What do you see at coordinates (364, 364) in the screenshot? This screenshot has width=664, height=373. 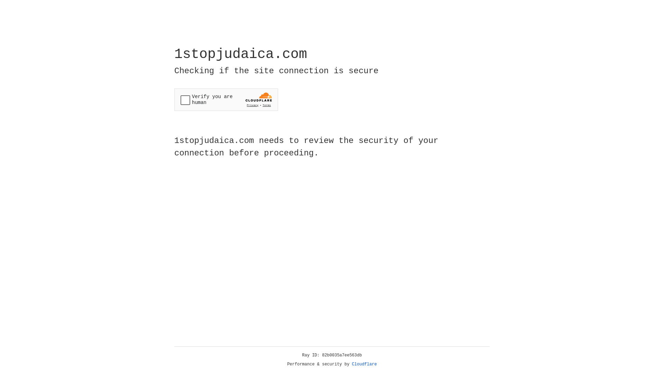 I see `'Cloudflare'` at bounding box center [364, 364].